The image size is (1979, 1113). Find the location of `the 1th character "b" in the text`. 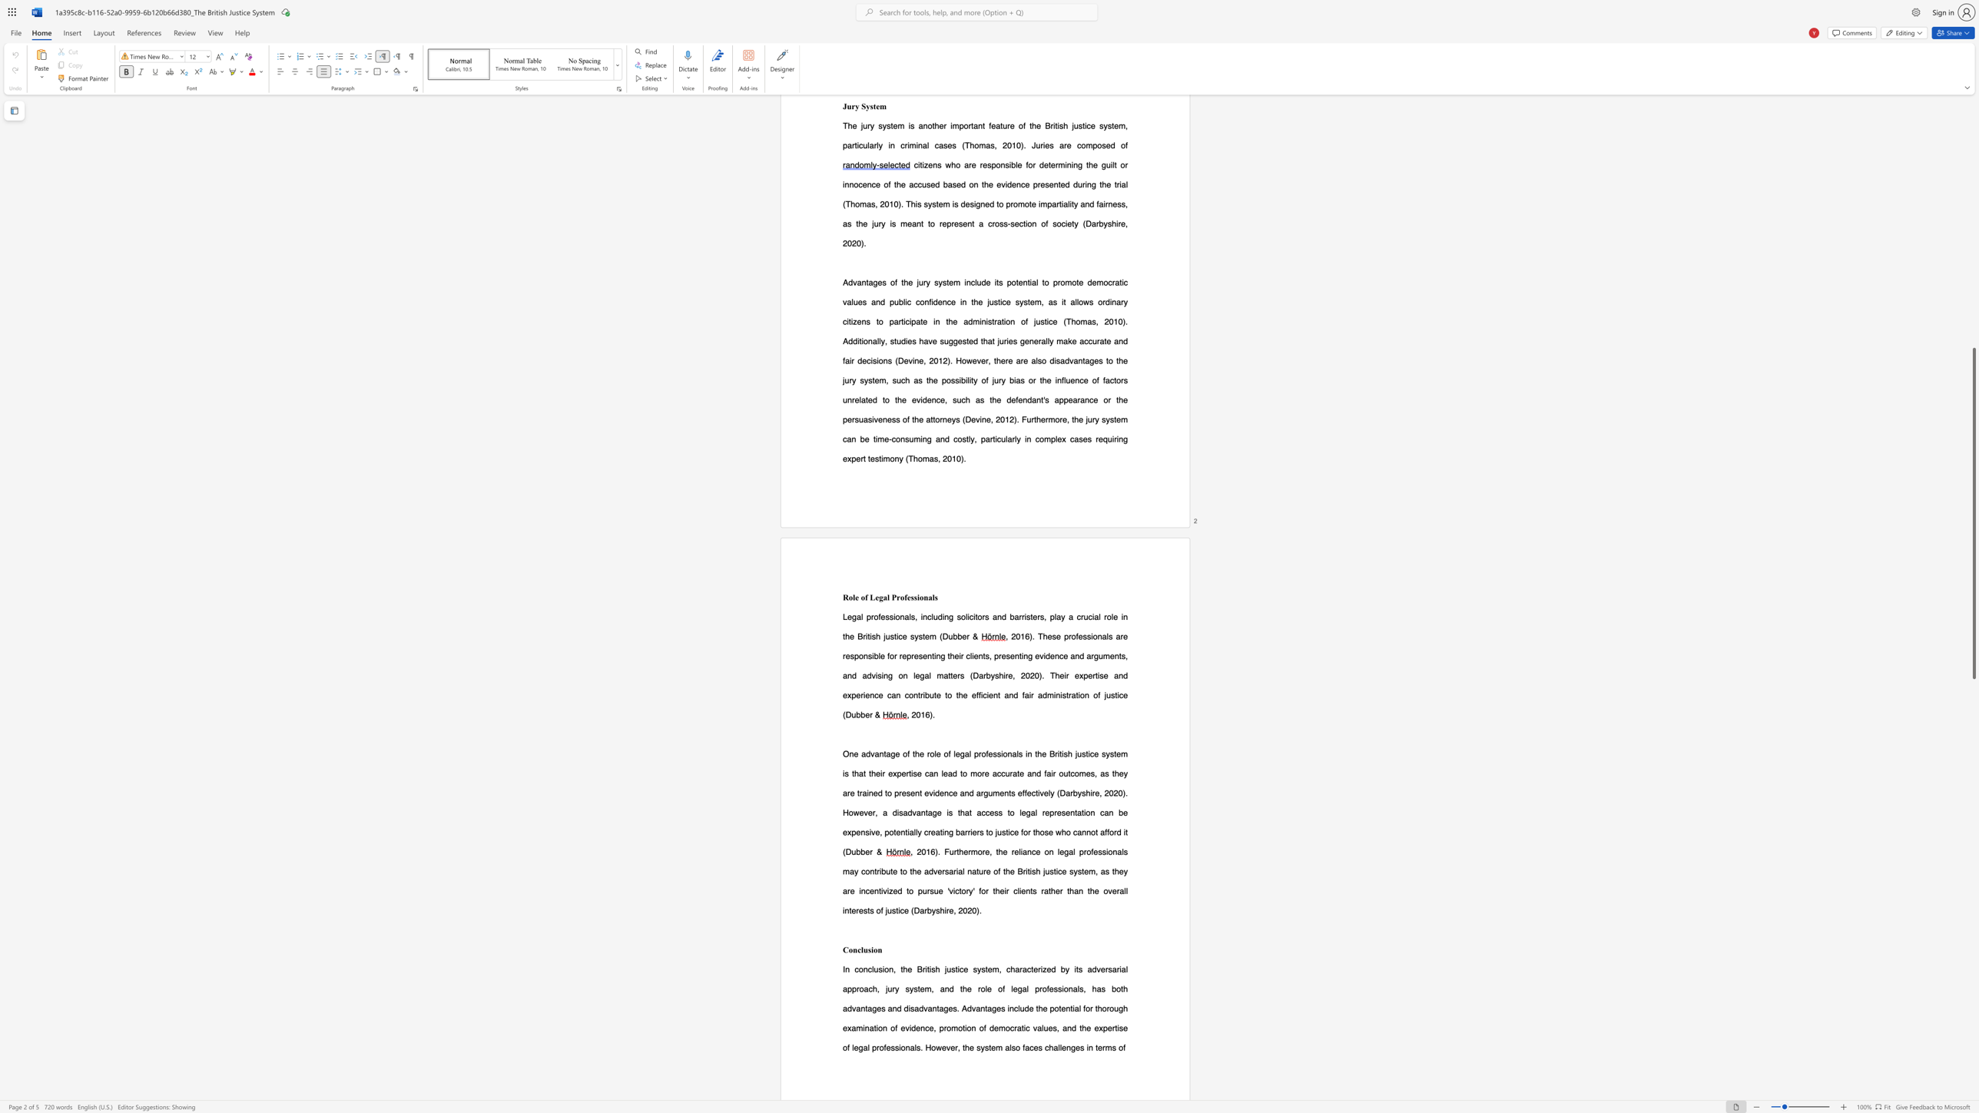

the 1th character "b" in the text is located at coordinates (954, 636).